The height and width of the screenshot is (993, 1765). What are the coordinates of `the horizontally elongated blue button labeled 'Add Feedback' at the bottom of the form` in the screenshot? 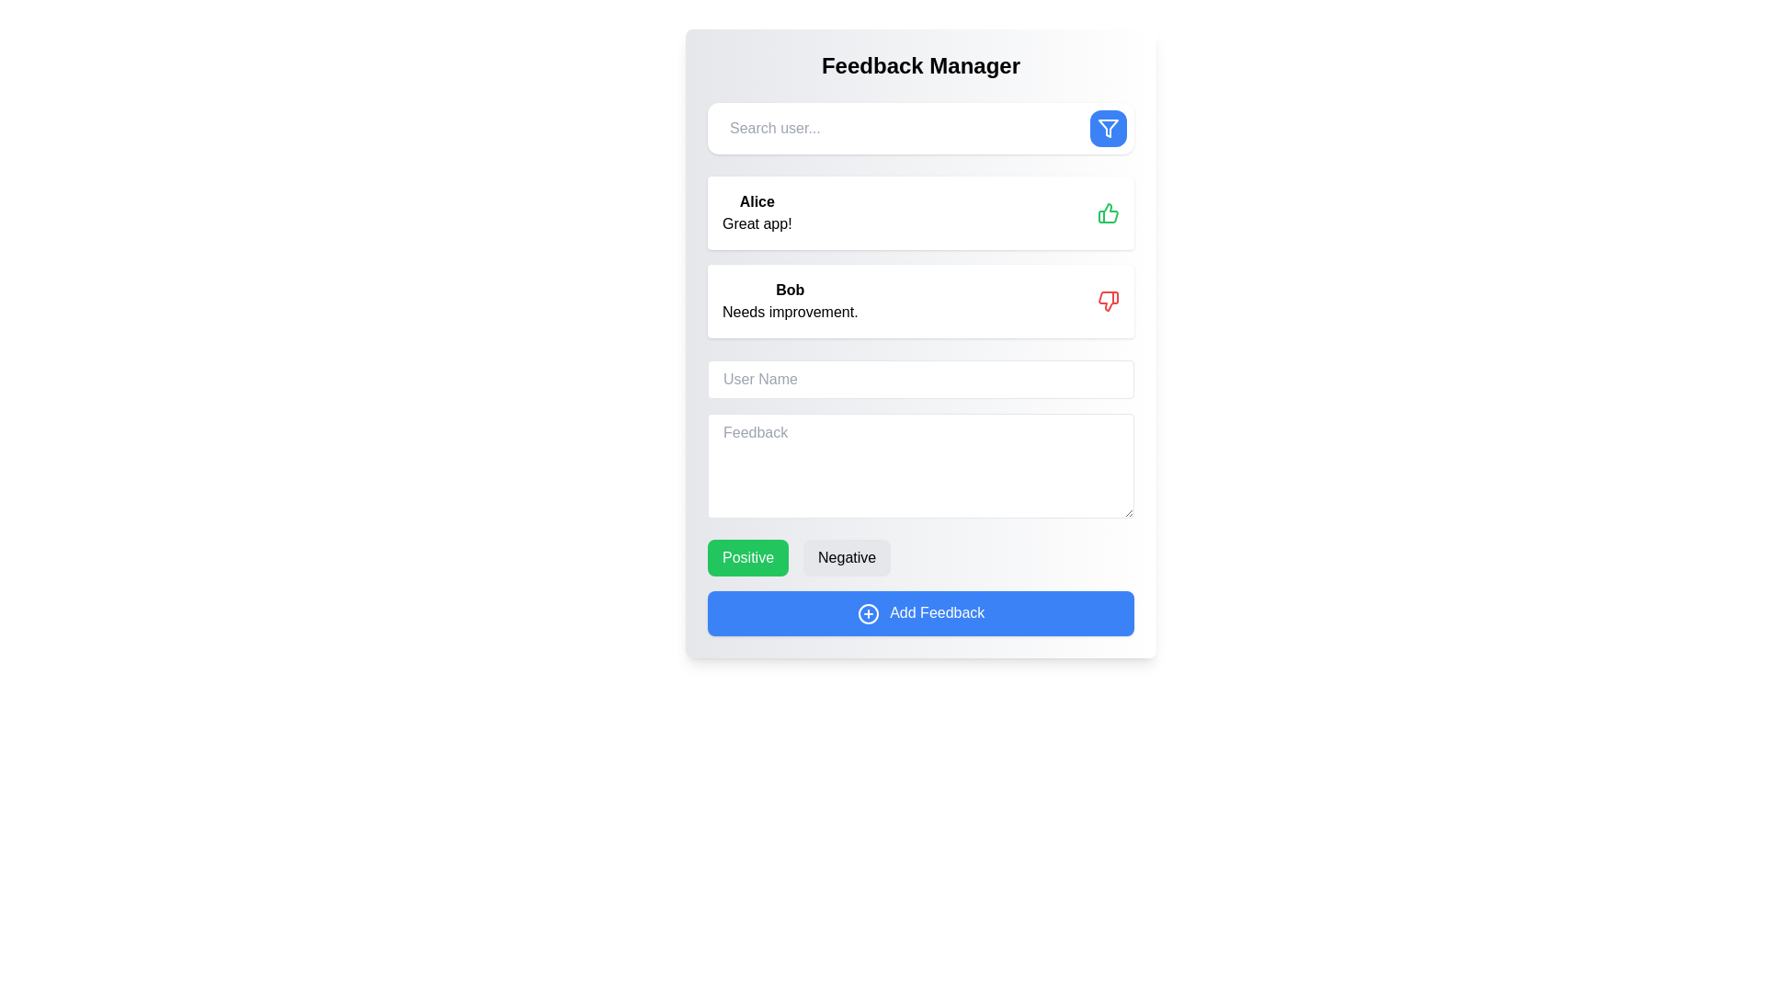 It's located at (921, 613).